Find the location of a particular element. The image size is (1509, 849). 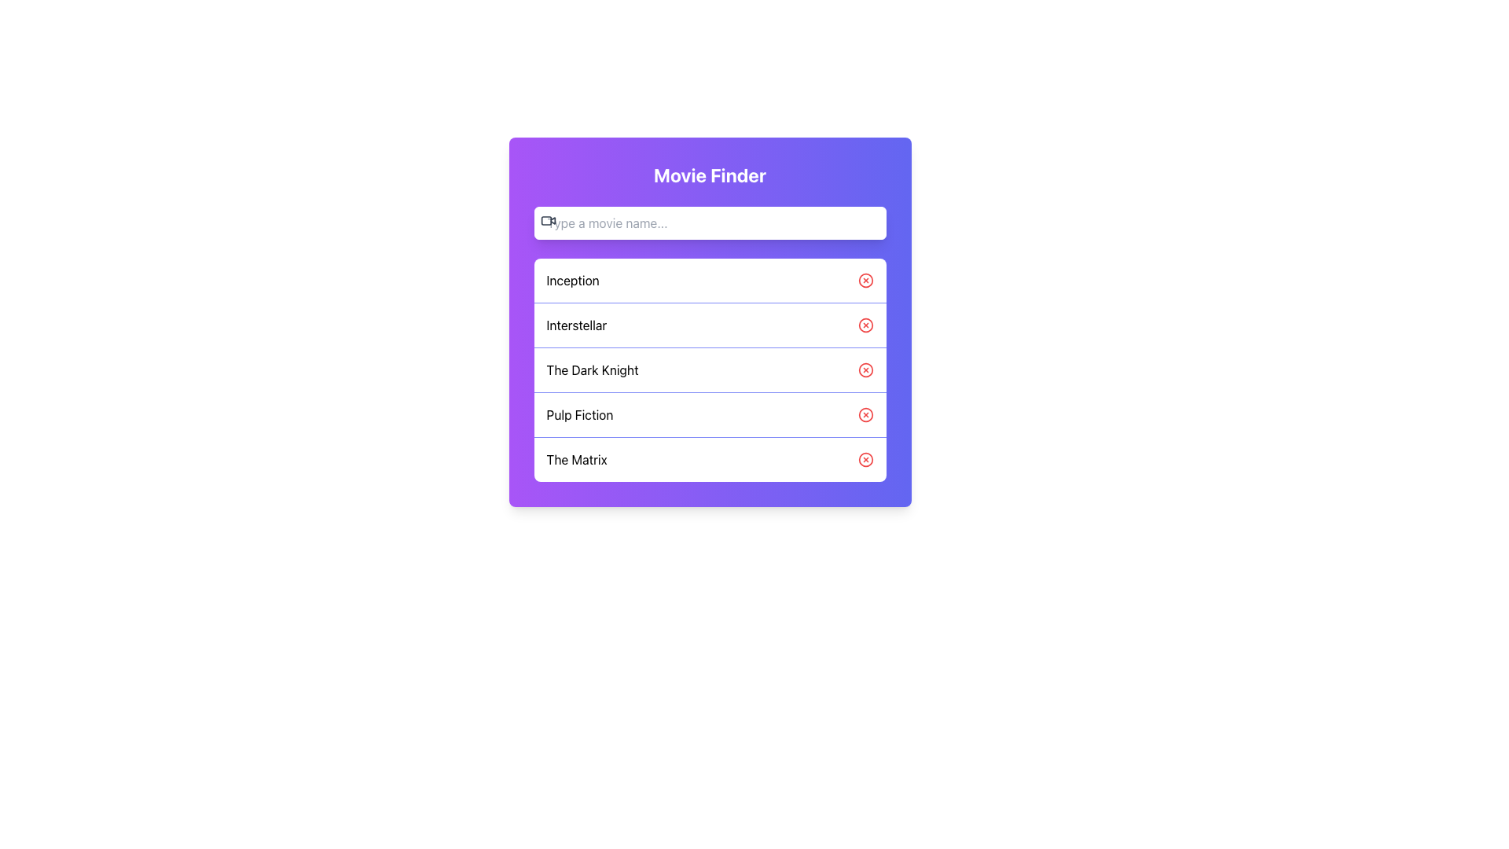

the deletion button for the 'Pulp Fiction' movie entry located at the far right of its row under the 'Movie Finder' header is located at coordinates (865, 414).